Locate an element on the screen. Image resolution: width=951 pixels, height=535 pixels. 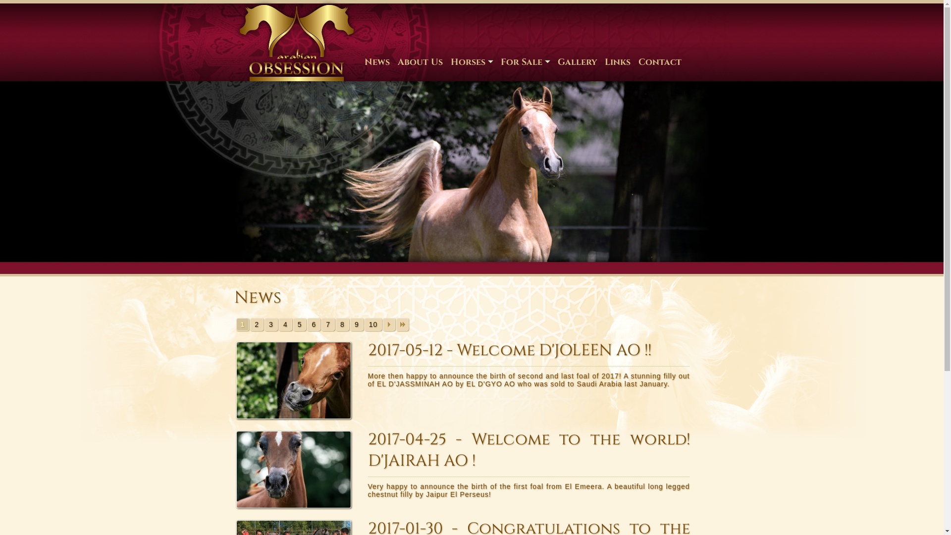
'7' is located at coordinates (321, 324).